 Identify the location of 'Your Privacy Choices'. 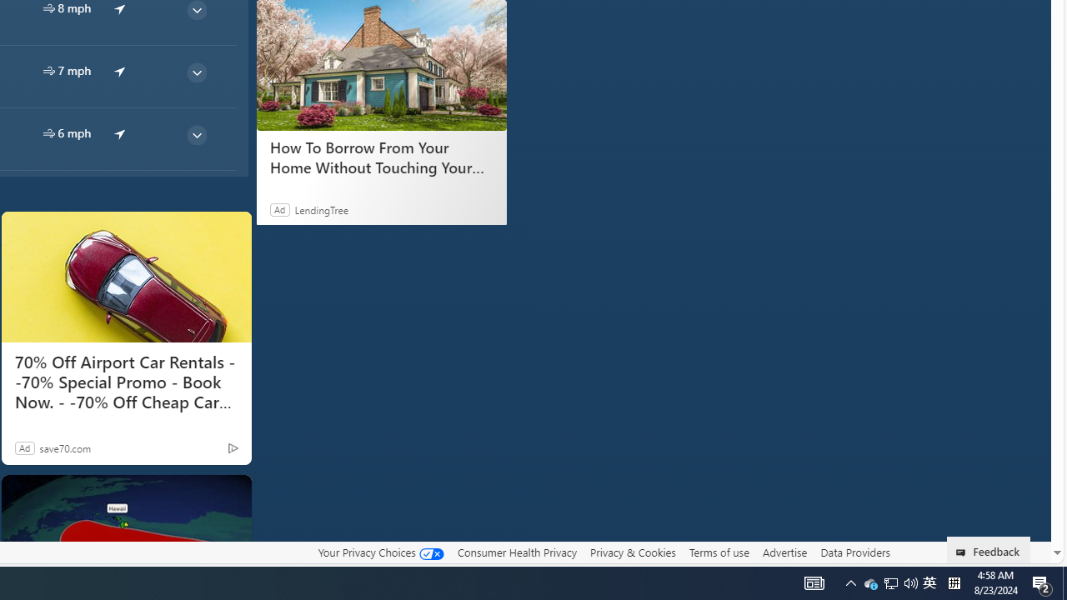
(379, 552).